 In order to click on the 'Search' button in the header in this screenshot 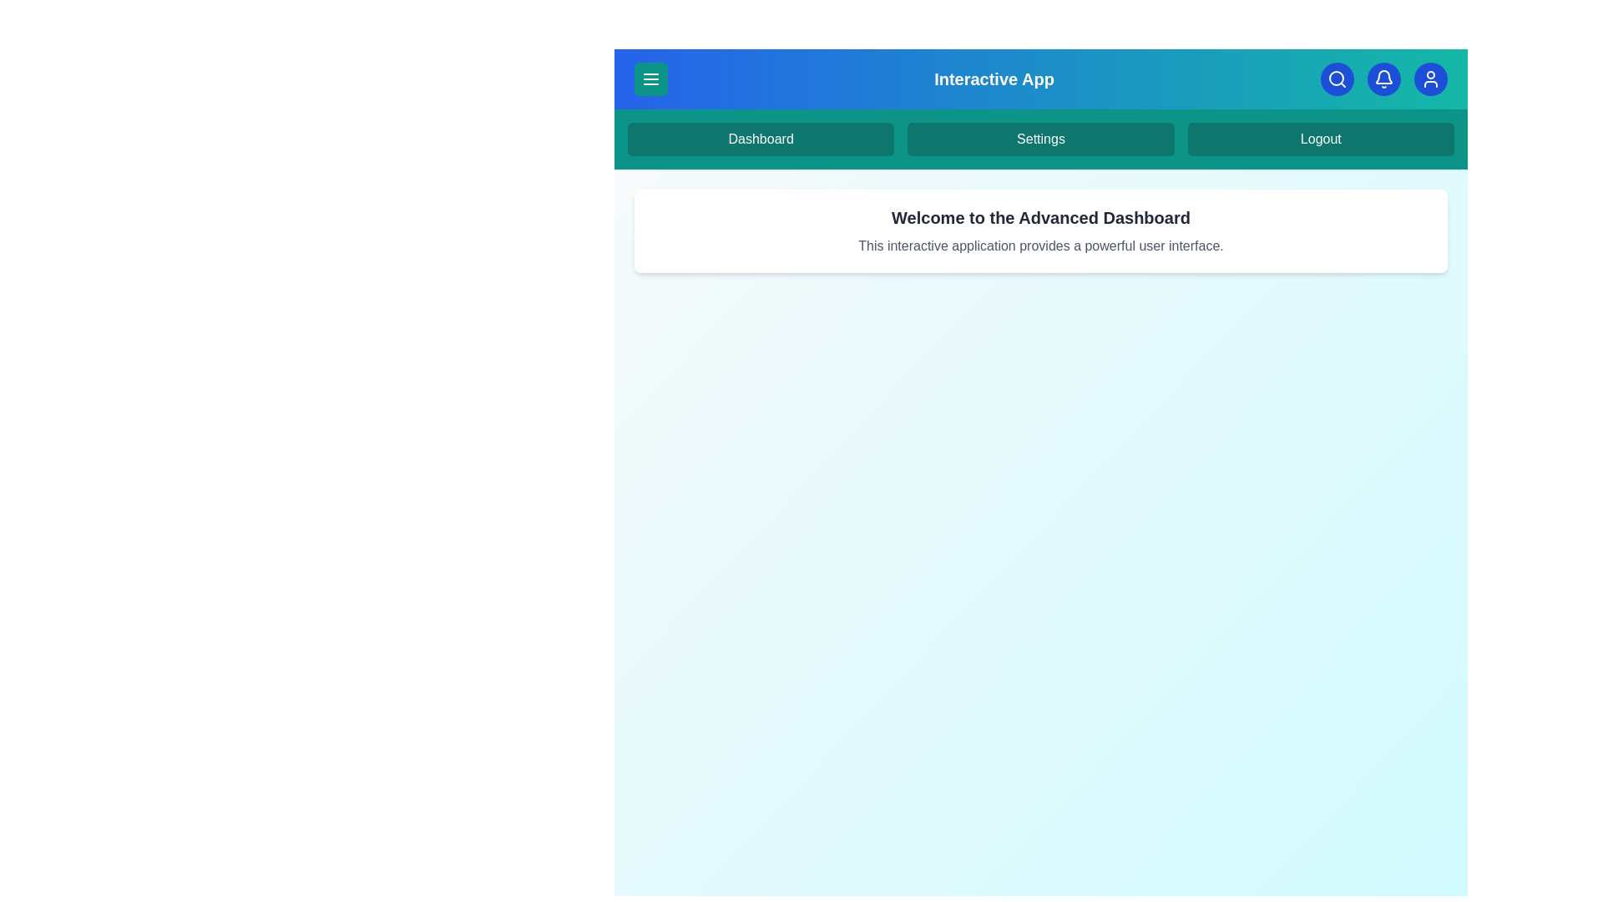, I will do `click(1338, 79)`.